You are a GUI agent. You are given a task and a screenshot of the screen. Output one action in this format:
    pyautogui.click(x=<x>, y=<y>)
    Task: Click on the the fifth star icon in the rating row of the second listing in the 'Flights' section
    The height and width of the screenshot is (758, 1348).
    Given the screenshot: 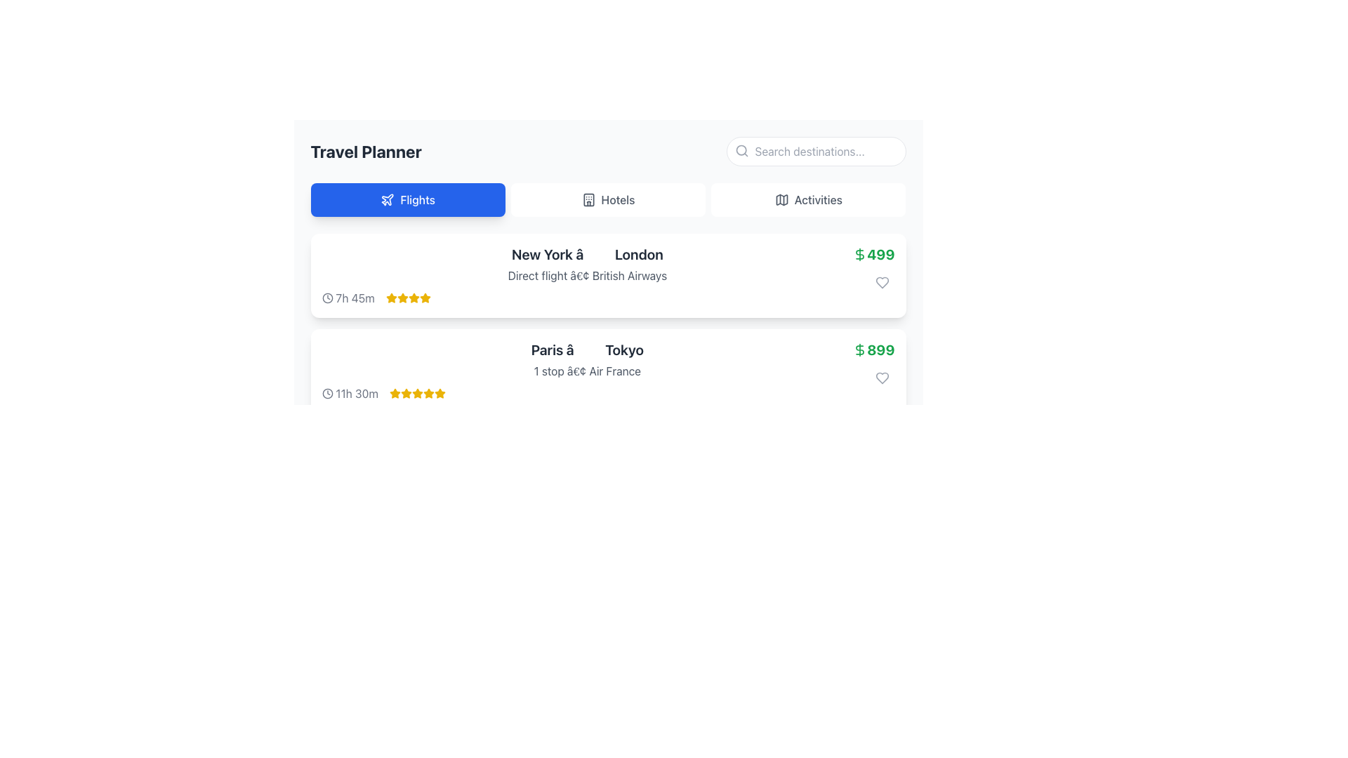 What is the action you would take?
    pyautogui.click(x=395, y=393)
    